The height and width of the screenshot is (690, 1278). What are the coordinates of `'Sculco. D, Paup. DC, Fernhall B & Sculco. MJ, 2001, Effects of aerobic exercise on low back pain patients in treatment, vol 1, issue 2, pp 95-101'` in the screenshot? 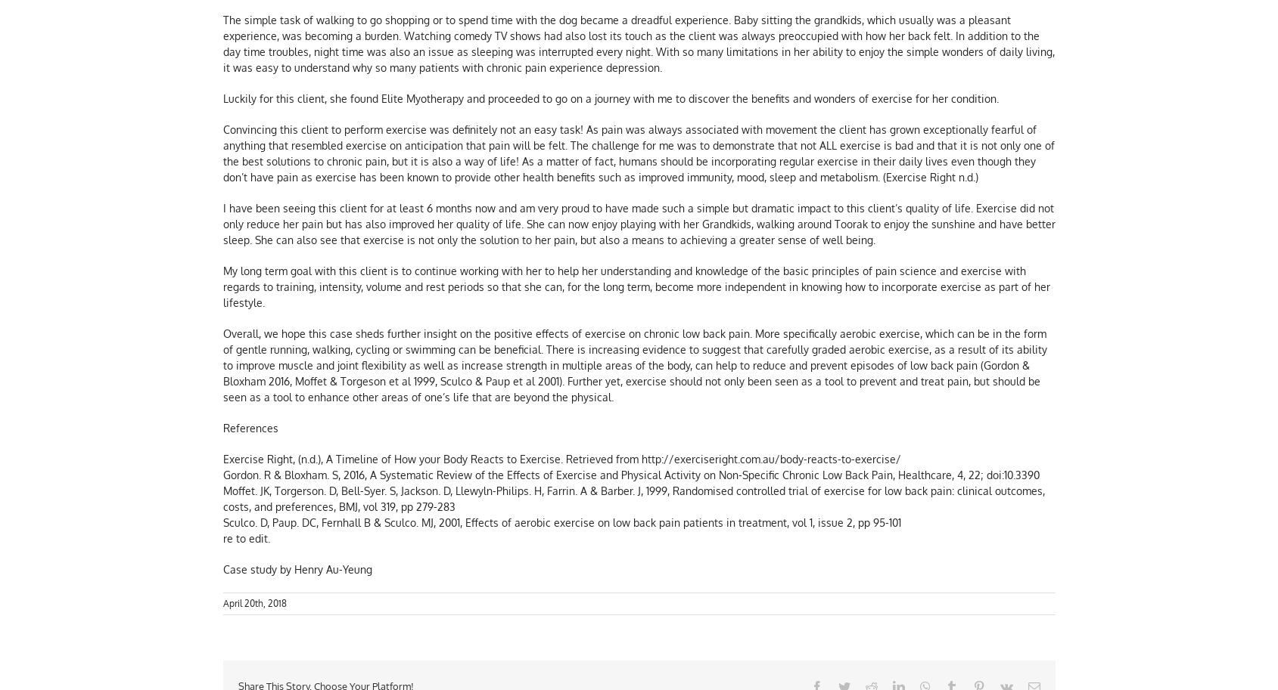 It's located at (561, 524).